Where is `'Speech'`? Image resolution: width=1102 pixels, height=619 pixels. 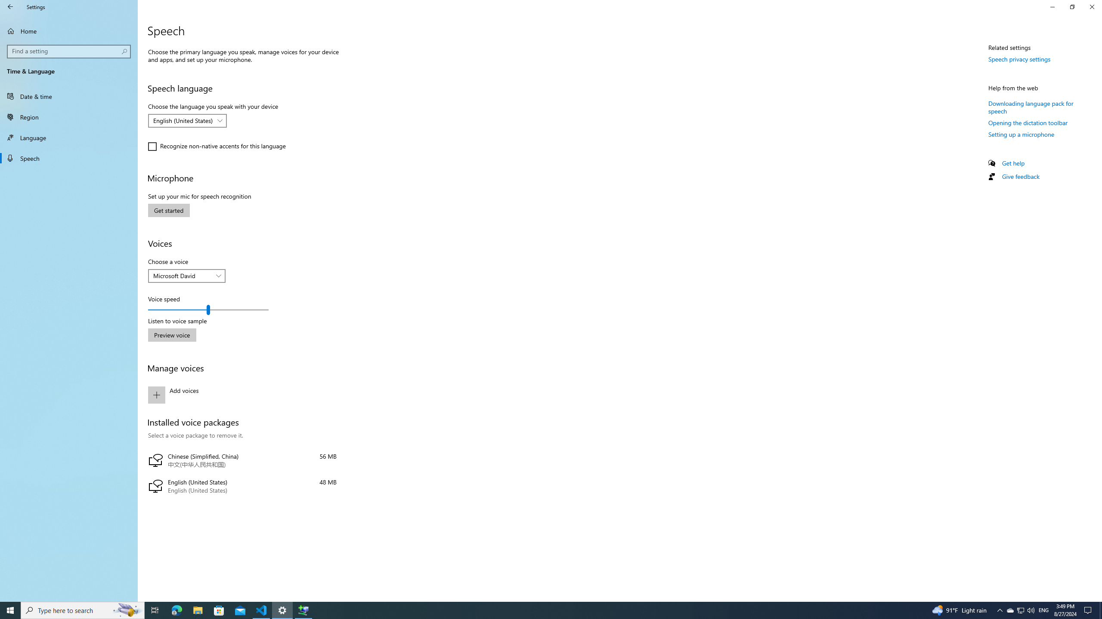 'Speech' is located at coordinates (68, 158).